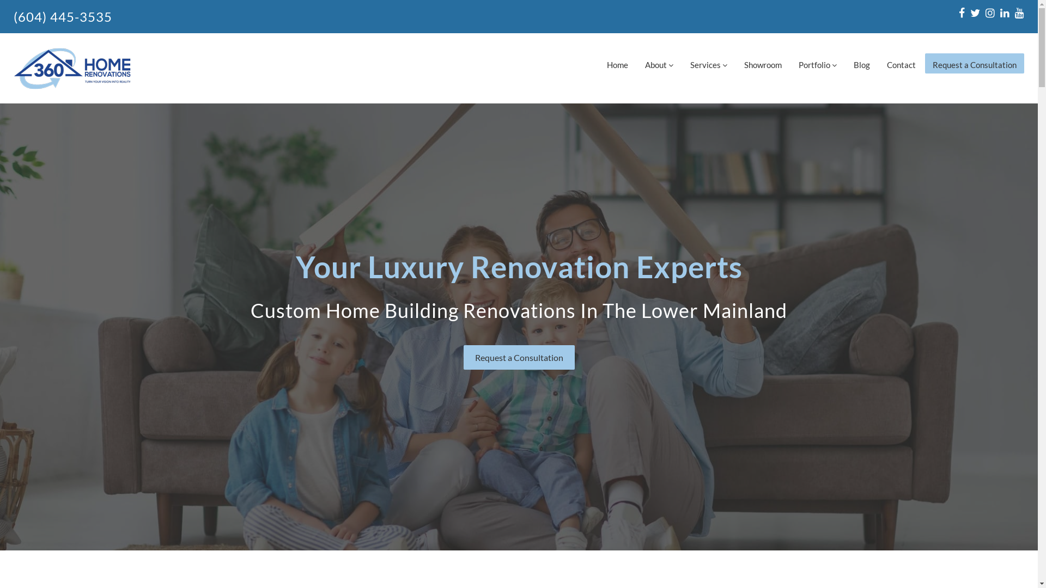 The image size is (1046, 588). What do you see at coordinates (975, 63) in the screenshot?
I see `'Request a Consultation'` at bounding box center [975, 63].